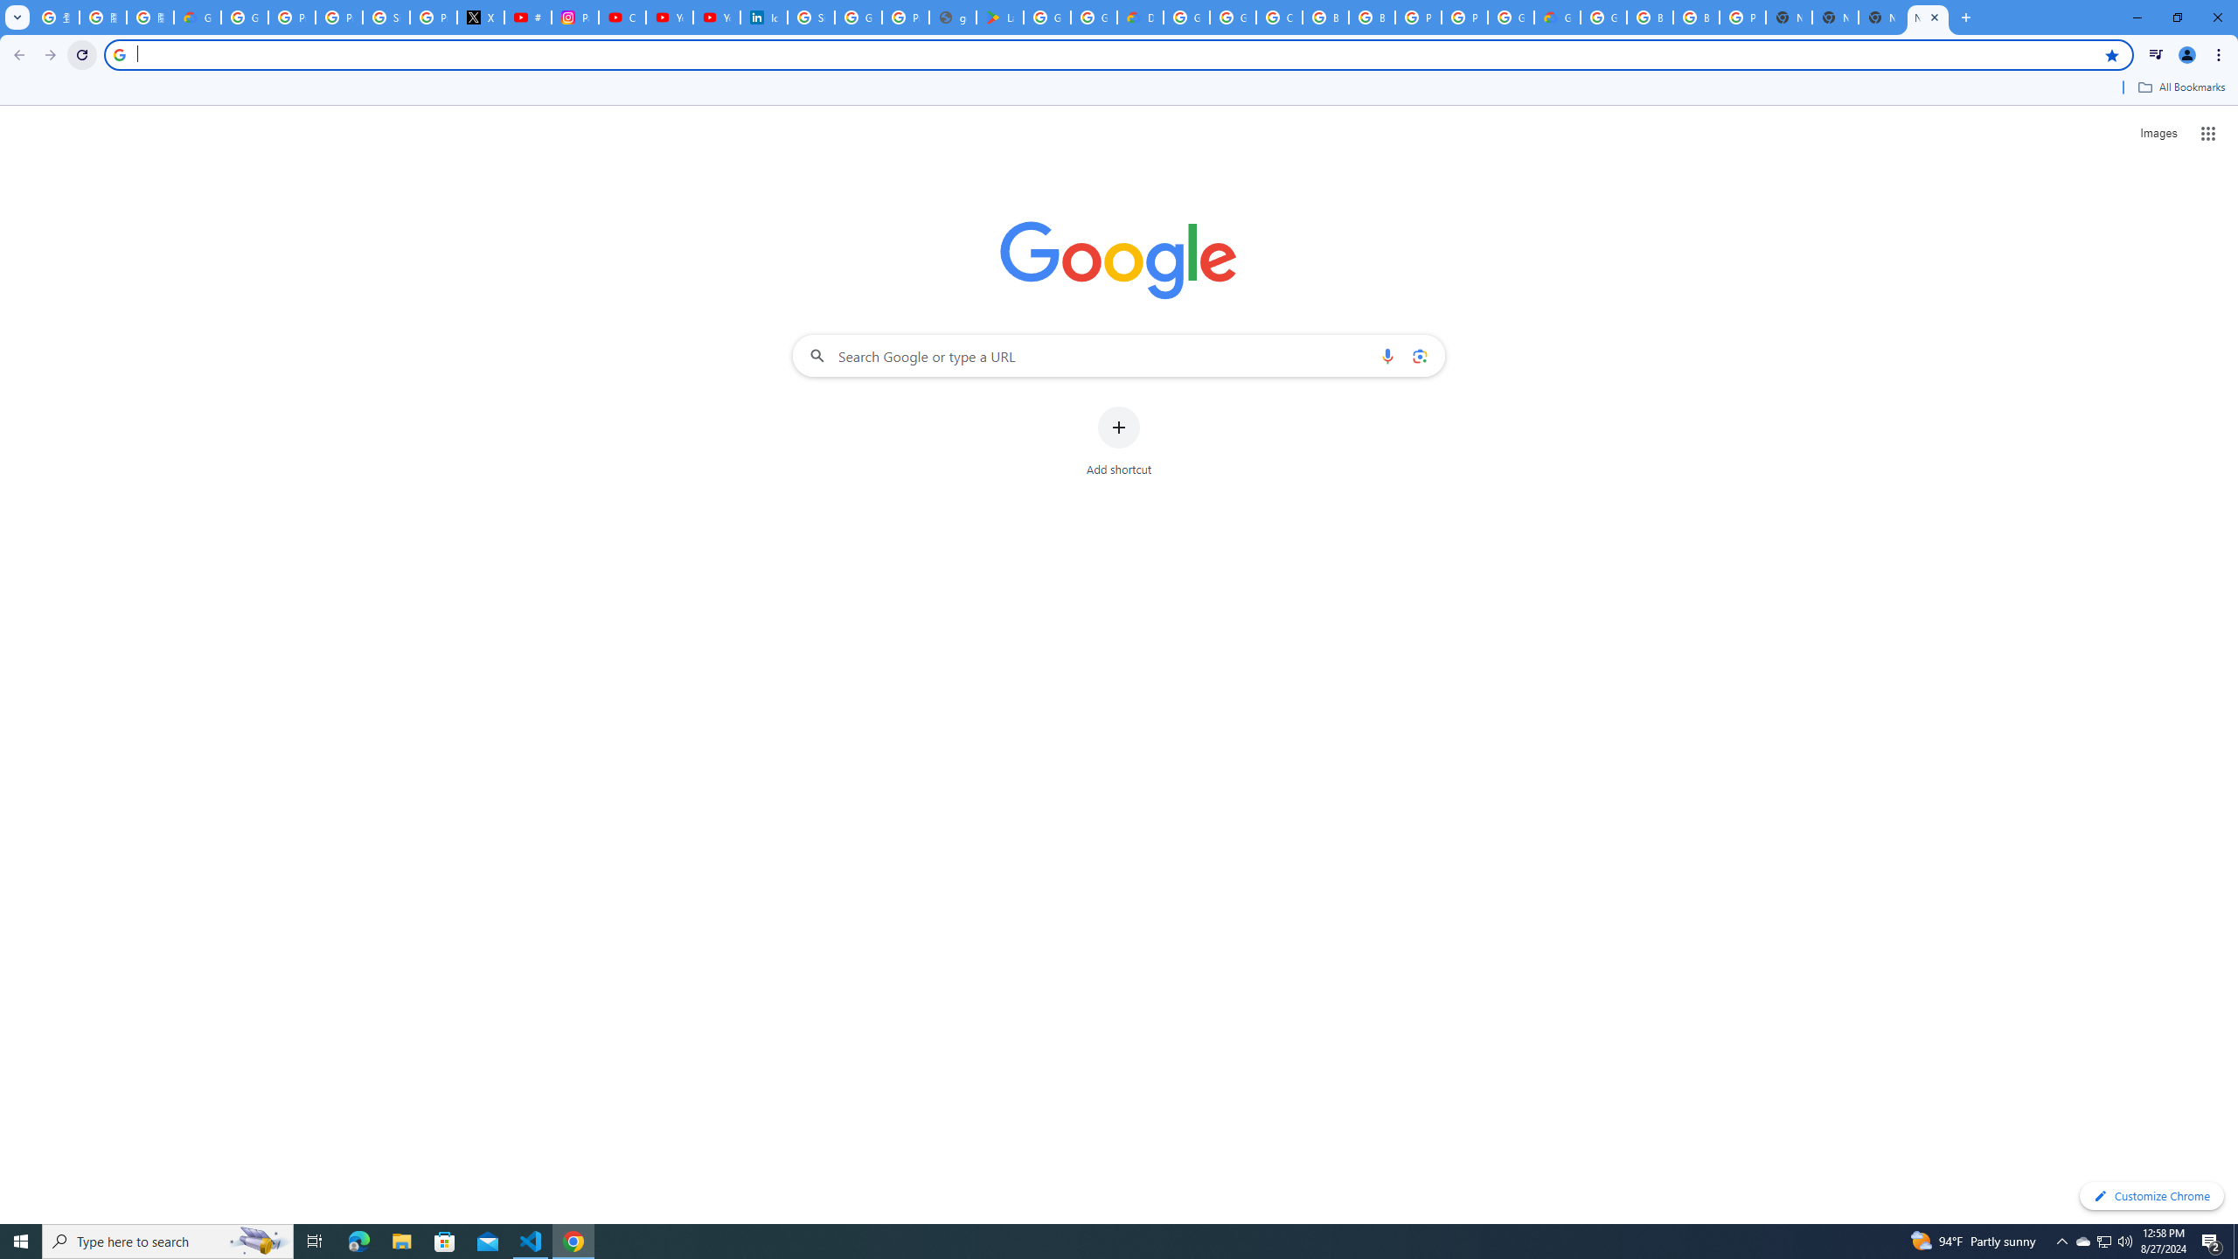  I want to click on 'Google Cloud Platform', so click(1511, 17).